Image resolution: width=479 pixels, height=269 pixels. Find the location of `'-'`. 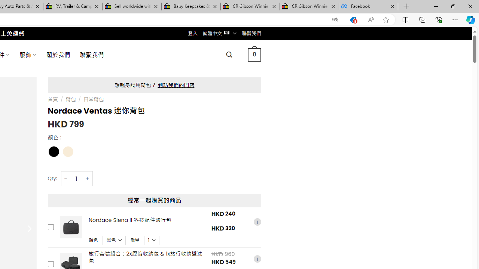

'-' is located at coordinates (66, 179).